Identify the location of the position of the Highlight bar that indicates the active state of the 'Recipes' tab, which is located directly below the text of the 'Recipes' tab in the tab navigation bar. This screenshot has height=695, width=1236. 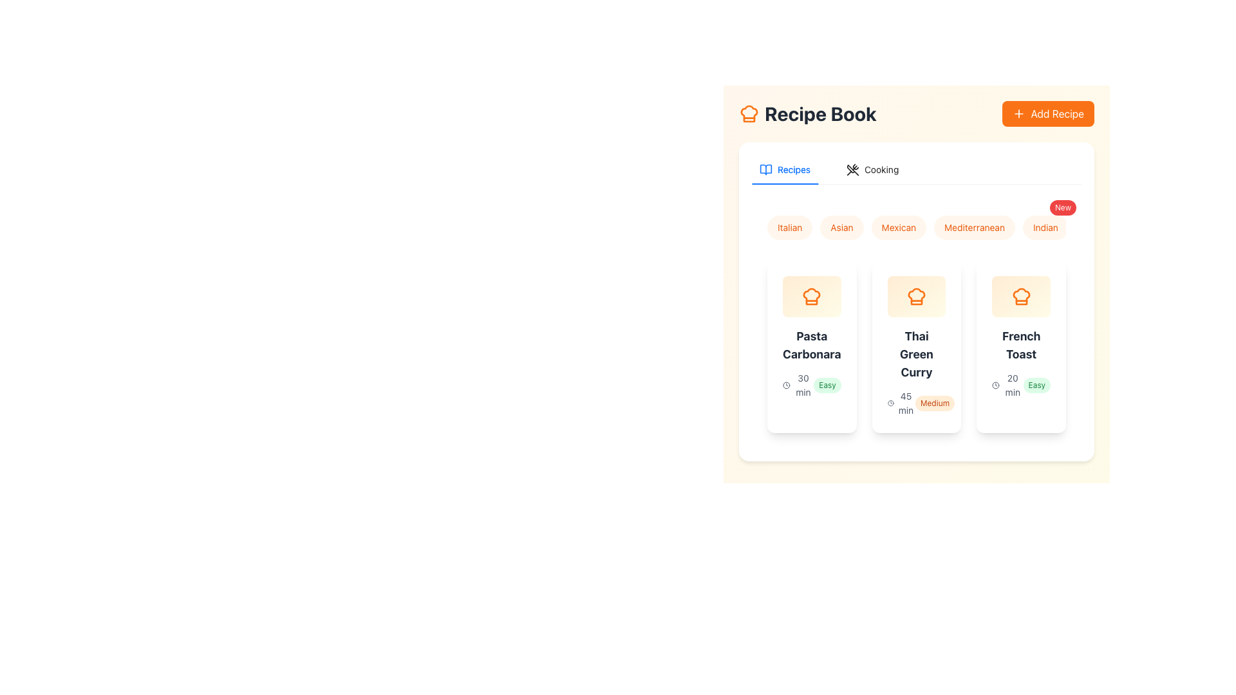
(784, 183).